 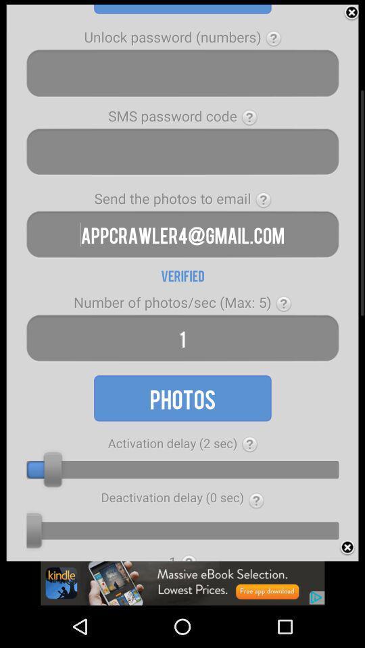 What do you see at coordinates (263, 199) in the screenshot?
I see `open information about the entry` at bounding box center [263, 199].